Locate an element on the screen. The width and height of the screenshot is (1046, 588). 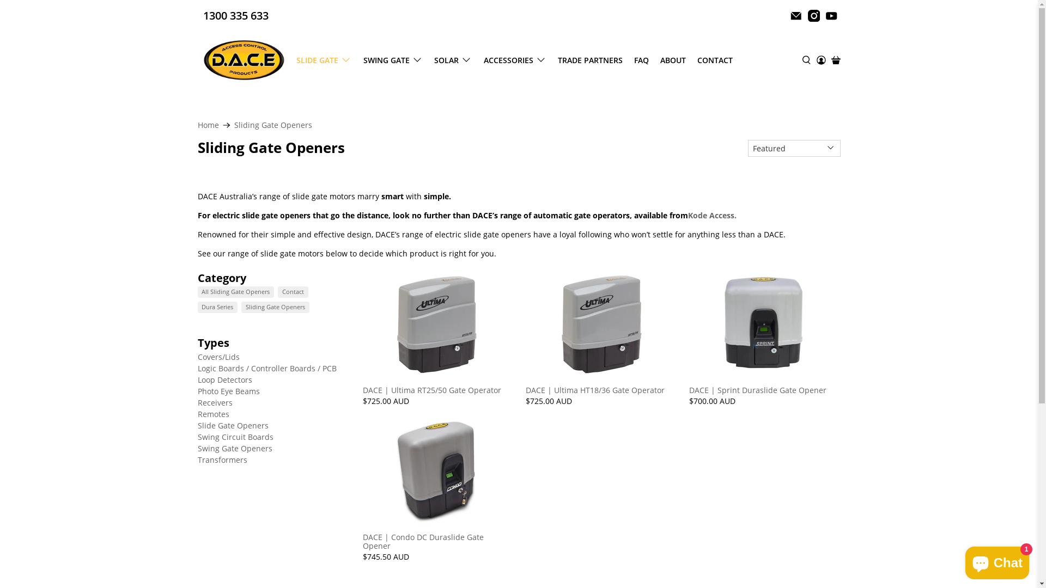
'DACE Australia on Instagram' is located at coordinates (813, 16).